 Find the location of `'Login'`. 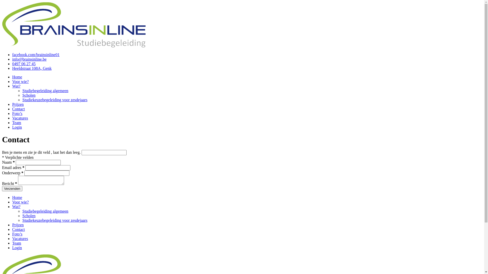

'Login' is located at coordinates (17, 127).